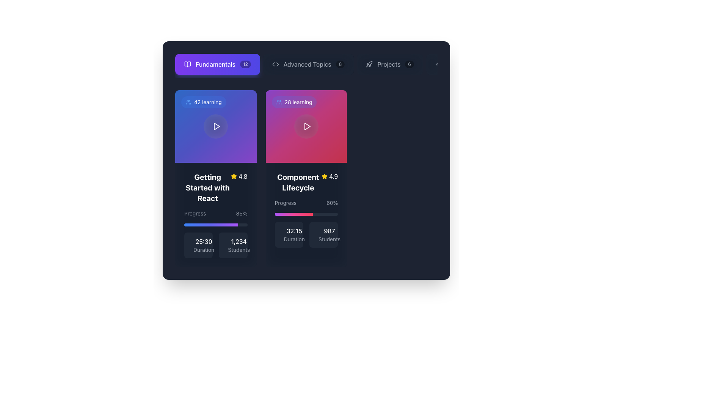 Image resolution: width=728 pixels, height=409 pixels. Describe the element at coordinates (278, 102) in the screenshot. I see `the small decorative icon that indicates the number of learners participating in the related learning module, located at the top-left corner of the second card titled 'Component Lifecycle'` at that location.